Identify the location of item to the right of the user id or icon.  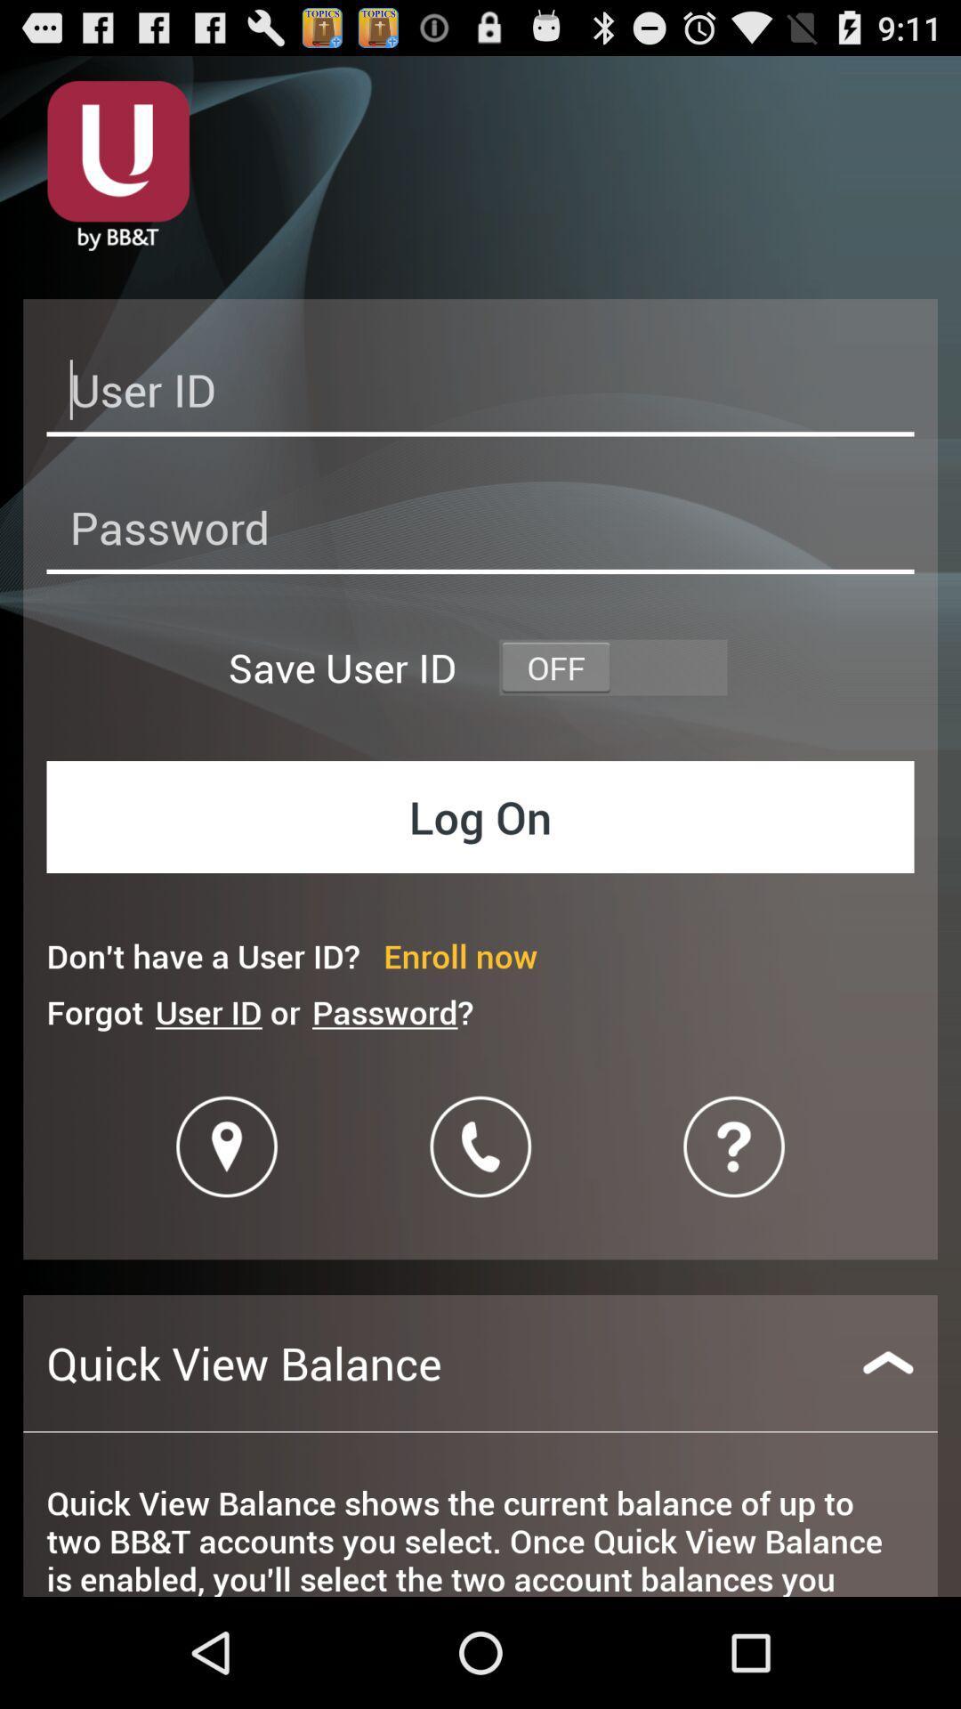
(392, 1012).